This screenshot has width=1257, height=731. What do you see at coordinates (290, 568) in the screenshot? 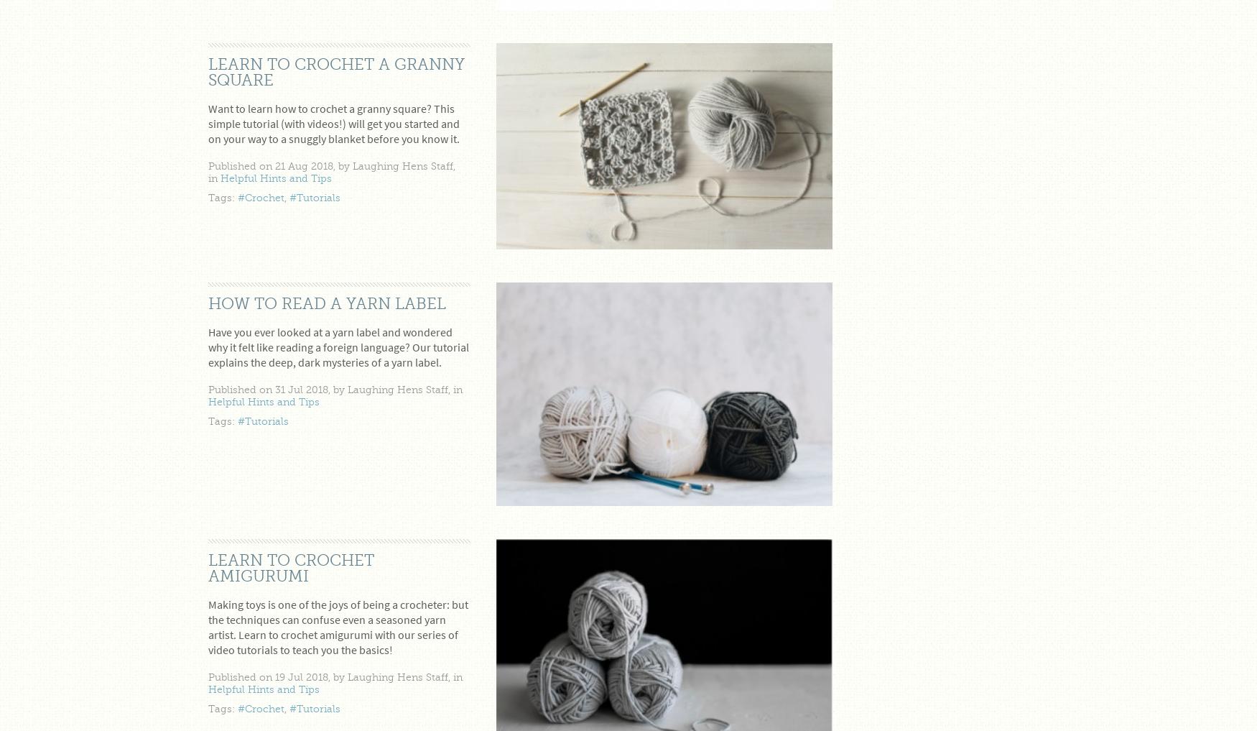
I see `'Learn to crochet amigurumi'` at bounding box center [290, 568].